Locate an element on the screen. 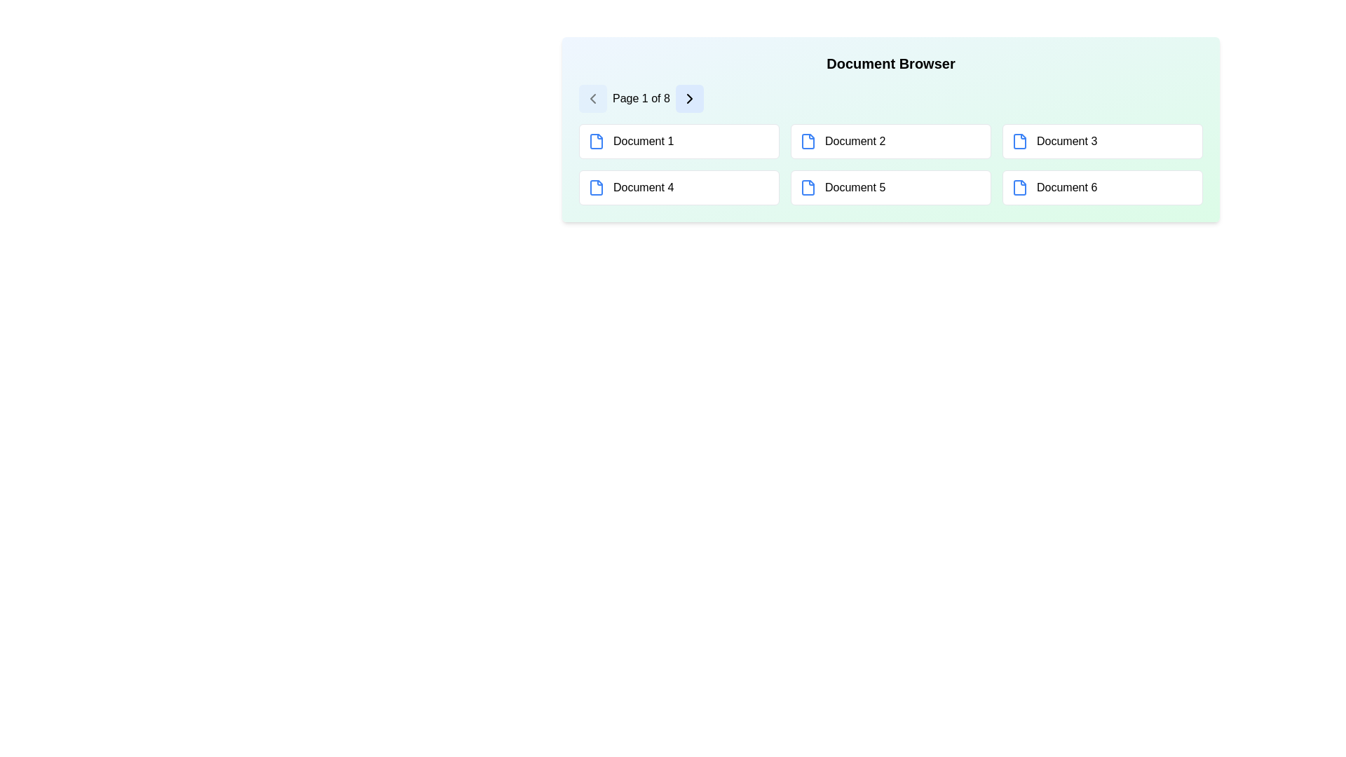  the backward navigation icon located on the left side of the page navigation tools, directly to the left of the label 'Page 1 of 8' is located at coordinates (592, 98).